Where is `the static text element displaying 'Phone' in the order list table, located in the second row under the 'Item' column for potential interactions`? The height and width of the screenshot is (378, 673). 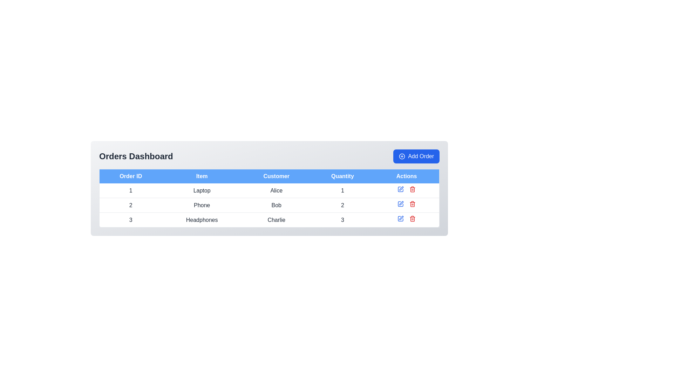
the static text element displaying 'Phone' in the order list table, located in the second row under the 'Item' column for potential interactions is located at coordinates (202, 205).